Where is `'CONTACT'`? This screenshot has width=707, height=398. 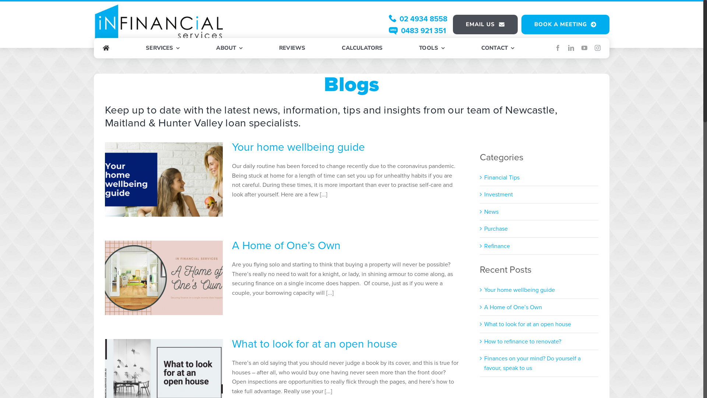 'CONTACT' is located at coordinates (498, 48).